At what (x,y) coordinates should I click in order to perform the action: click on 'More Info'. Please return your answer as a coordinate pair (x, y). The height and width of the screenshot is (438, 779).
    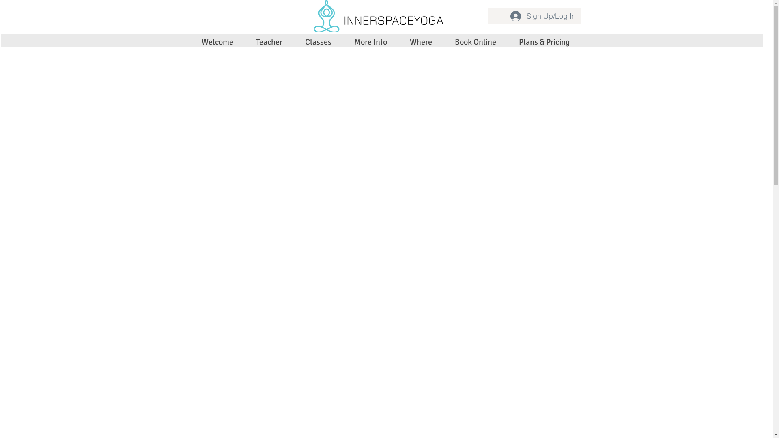
    Looking at the image, I should click on (370, 42).